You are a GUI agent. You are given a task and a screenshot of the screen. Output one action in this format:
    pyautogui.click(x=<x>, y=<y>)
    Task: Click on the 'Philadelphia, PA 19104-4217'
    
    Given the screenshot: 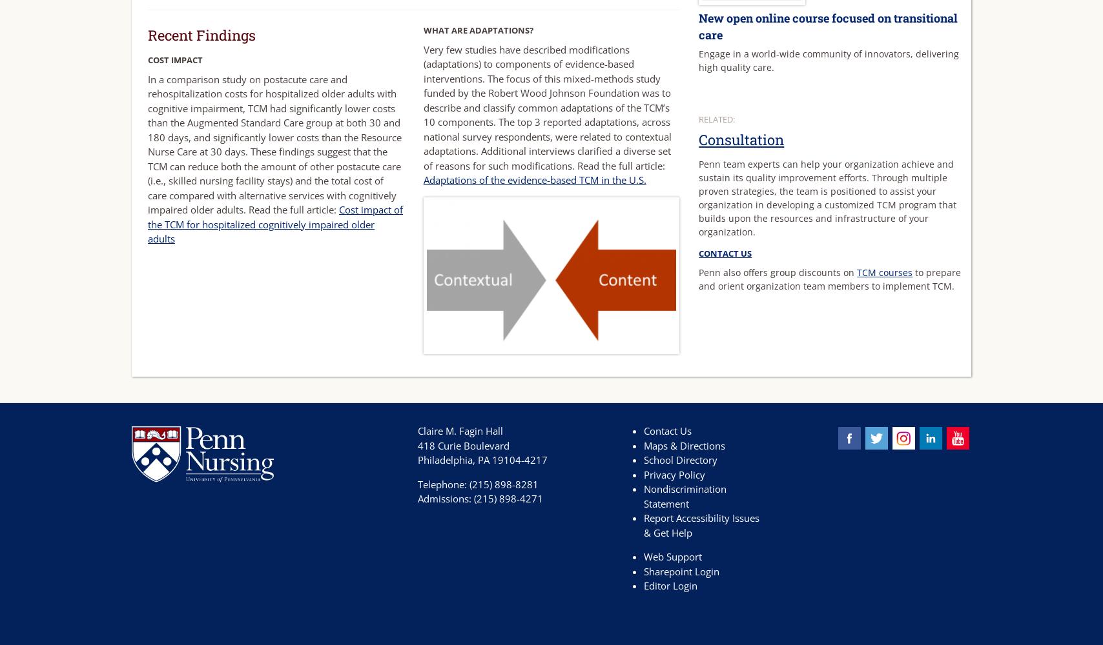 What is the action you would take?
    pyautogui.click(x=482, y=459)
    